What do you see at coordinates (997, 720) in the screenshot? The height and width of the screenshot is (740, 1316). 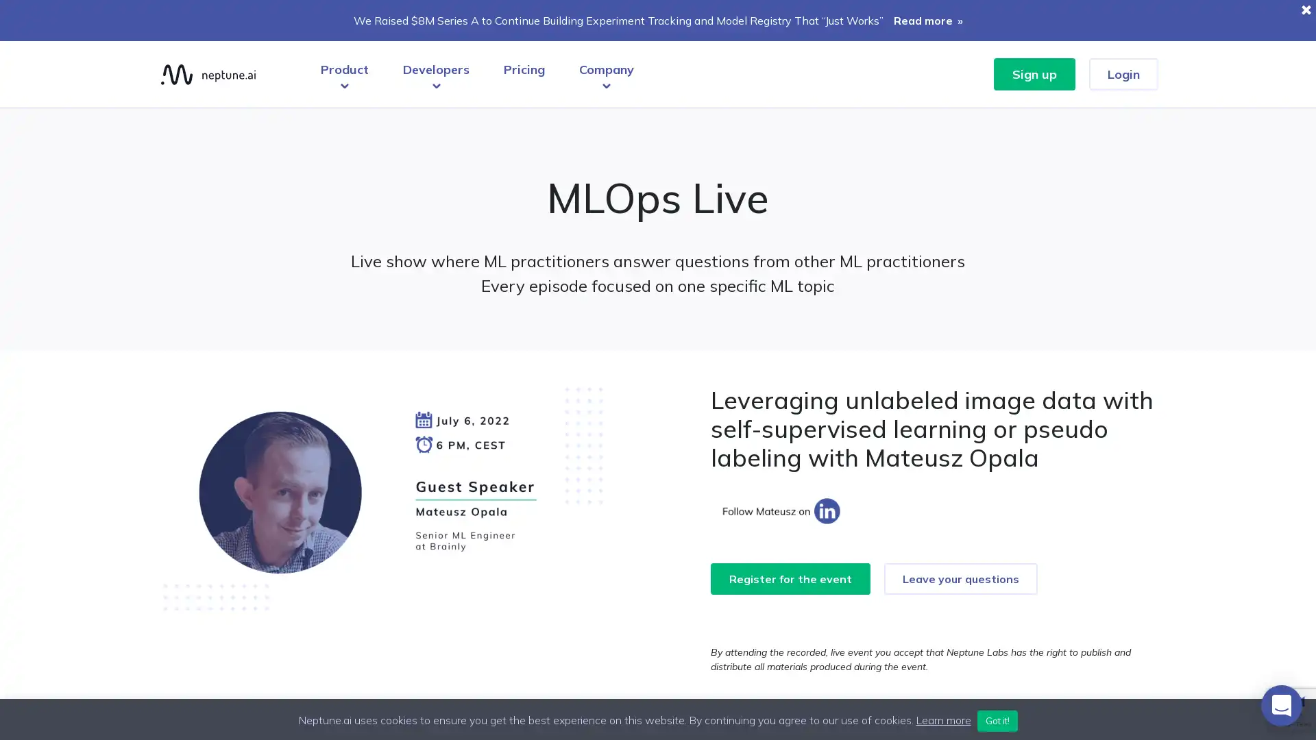 I see `Got it!` at bounding box center [997, 720].